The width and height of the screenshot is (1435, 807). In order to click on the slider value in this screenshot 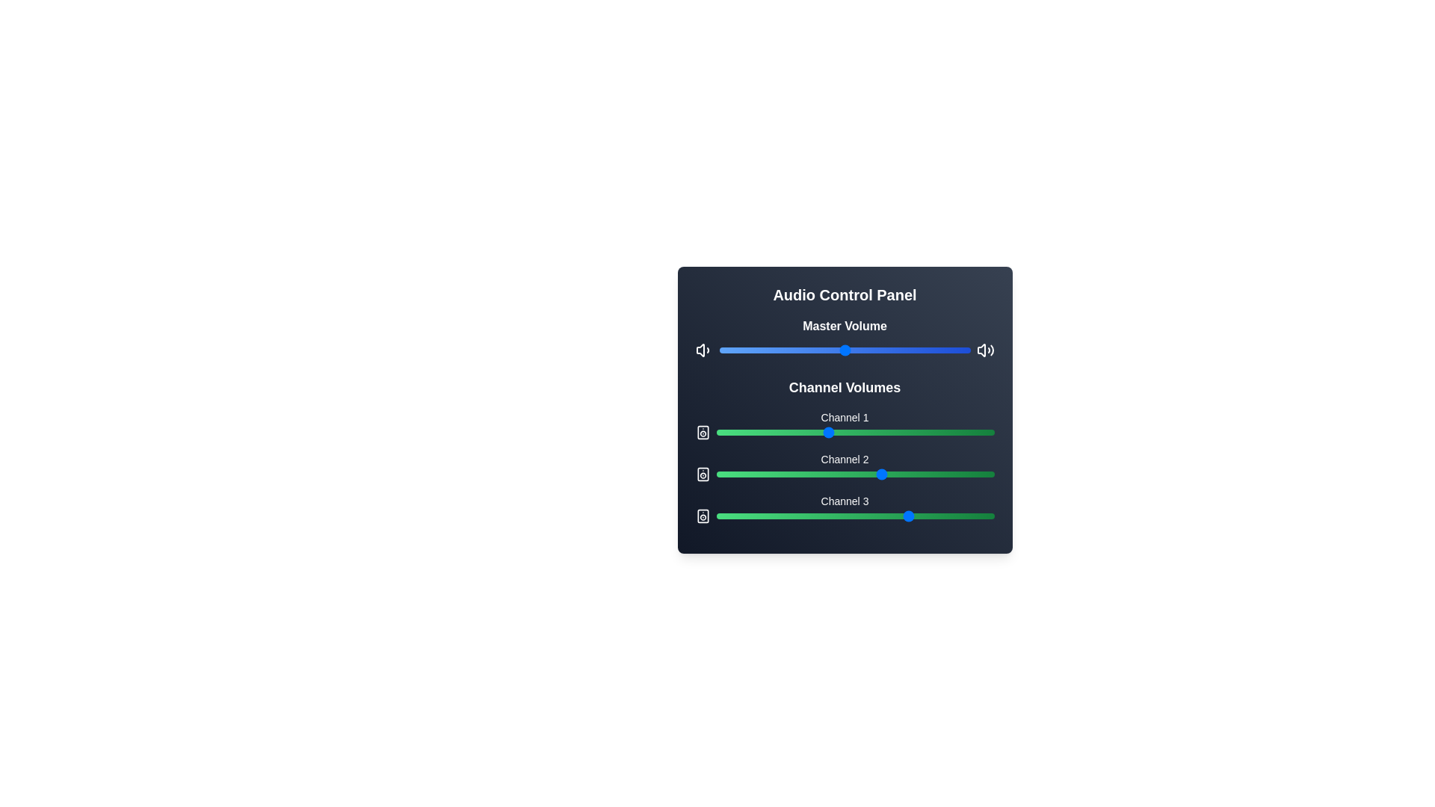, I will do `click(869, 432)`.